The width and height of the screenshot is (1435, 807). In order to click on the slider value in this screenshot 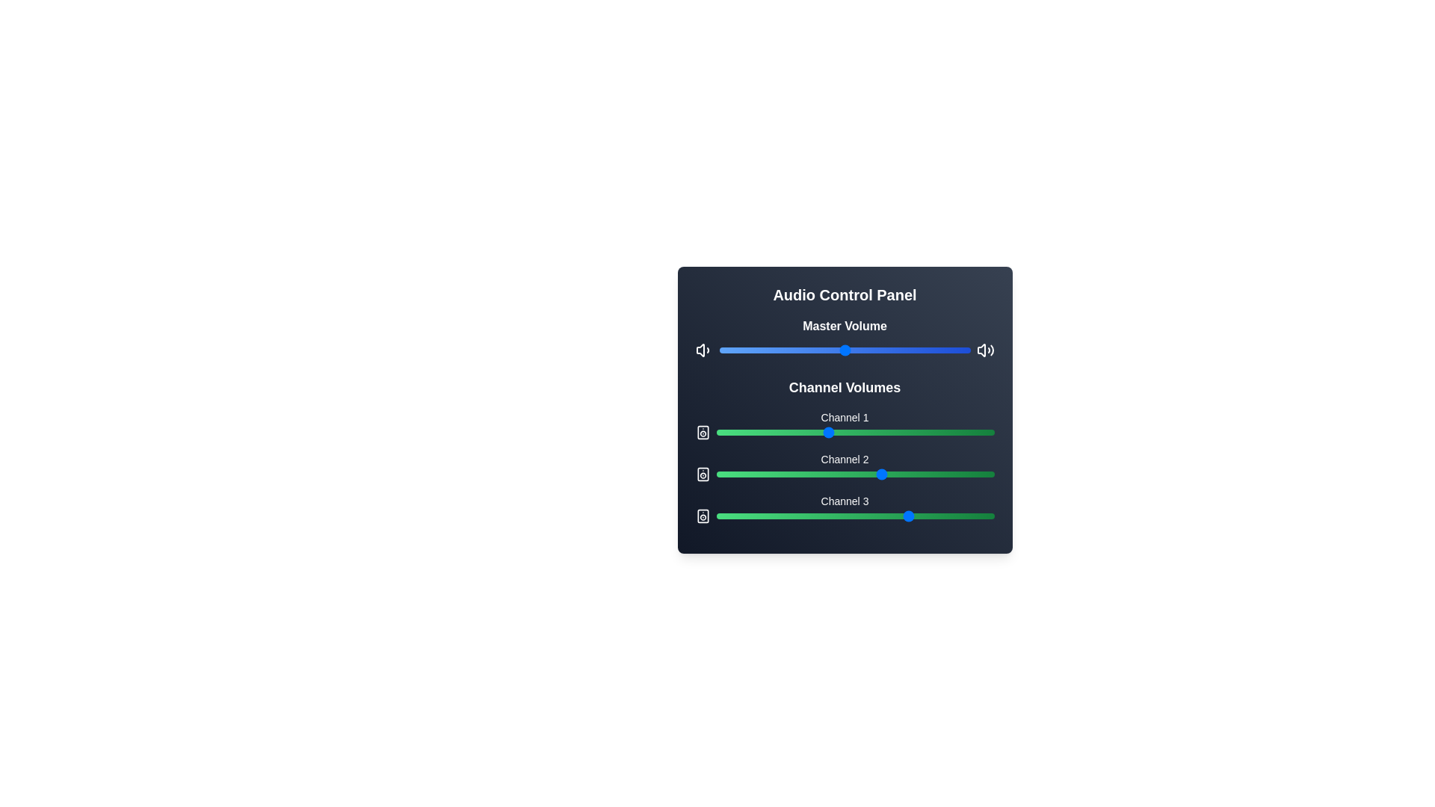, I will do `click(869, 432)`.